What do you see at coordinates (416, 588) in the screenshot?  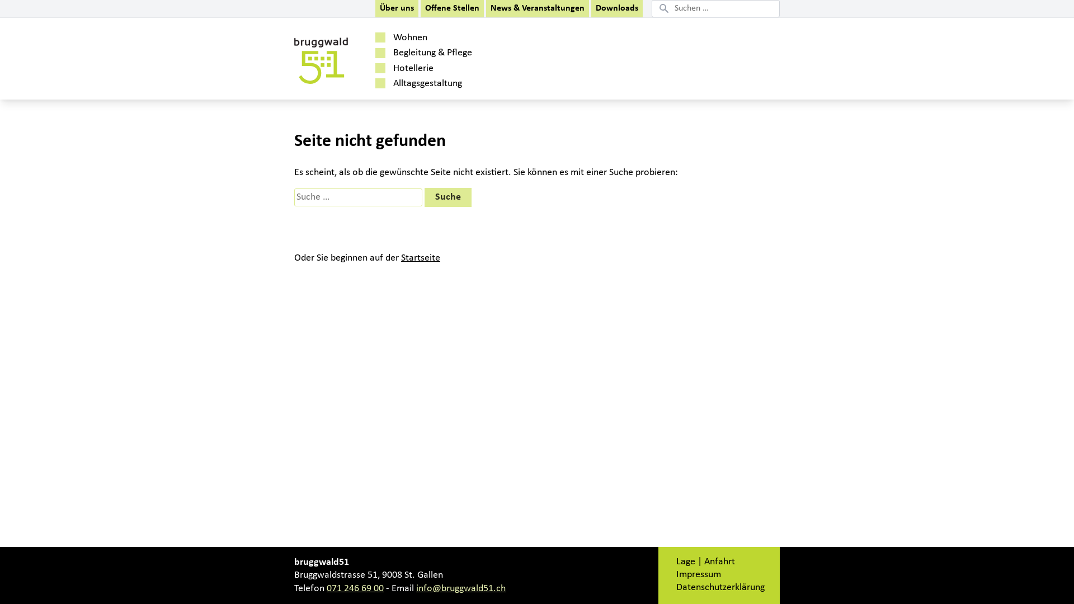 I see `'info@bruggwald51.ch'` at bounding box center [416, 588].